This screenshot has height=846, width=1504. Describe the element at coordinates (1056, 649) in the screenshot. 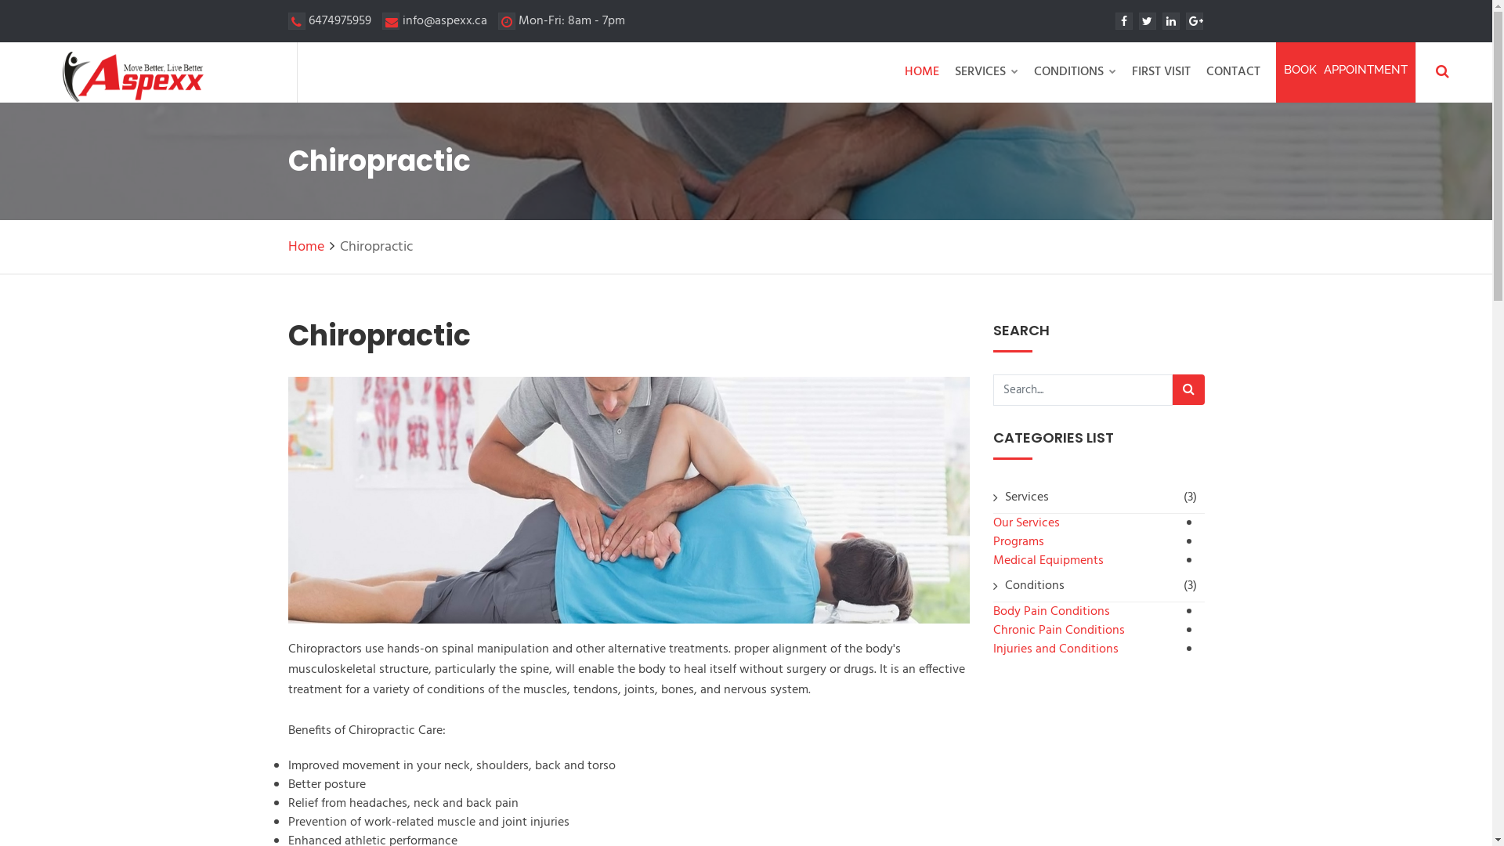

I see `'Injuries and Conditions'` at that location.